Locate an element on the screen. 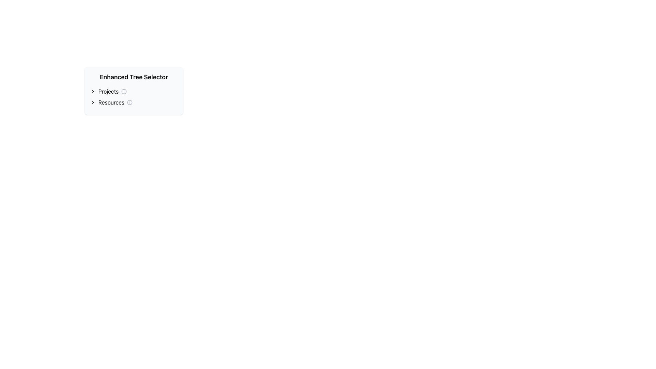  the Circular icon adjacent to the 'Projects' label, which serves as an informative indicator is located at coordinates (124, 91).